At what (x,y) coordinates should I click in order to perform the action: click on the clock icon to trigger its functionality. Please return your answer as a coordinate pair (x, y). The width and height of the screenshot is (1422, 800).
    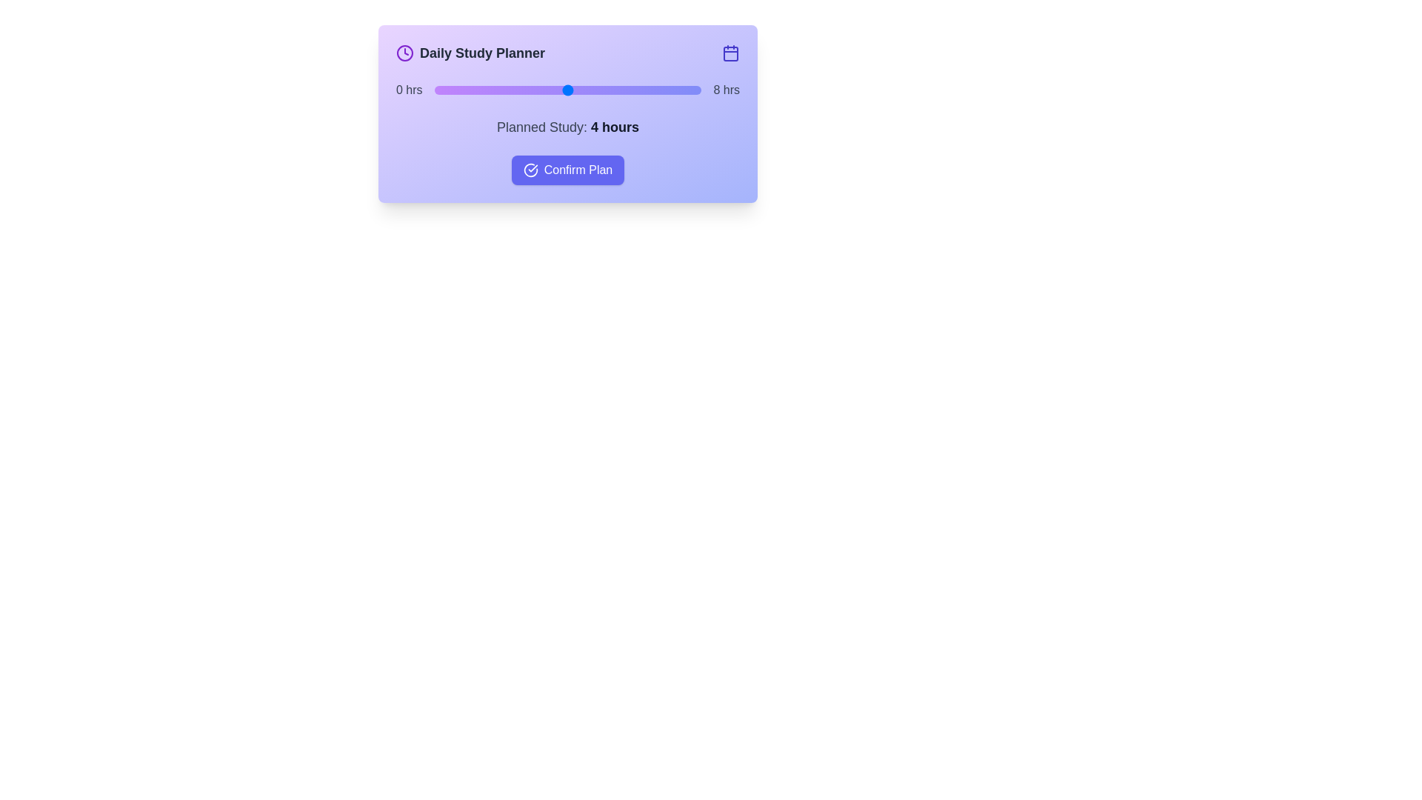
    Looking at the image, I should click on (405, 53).